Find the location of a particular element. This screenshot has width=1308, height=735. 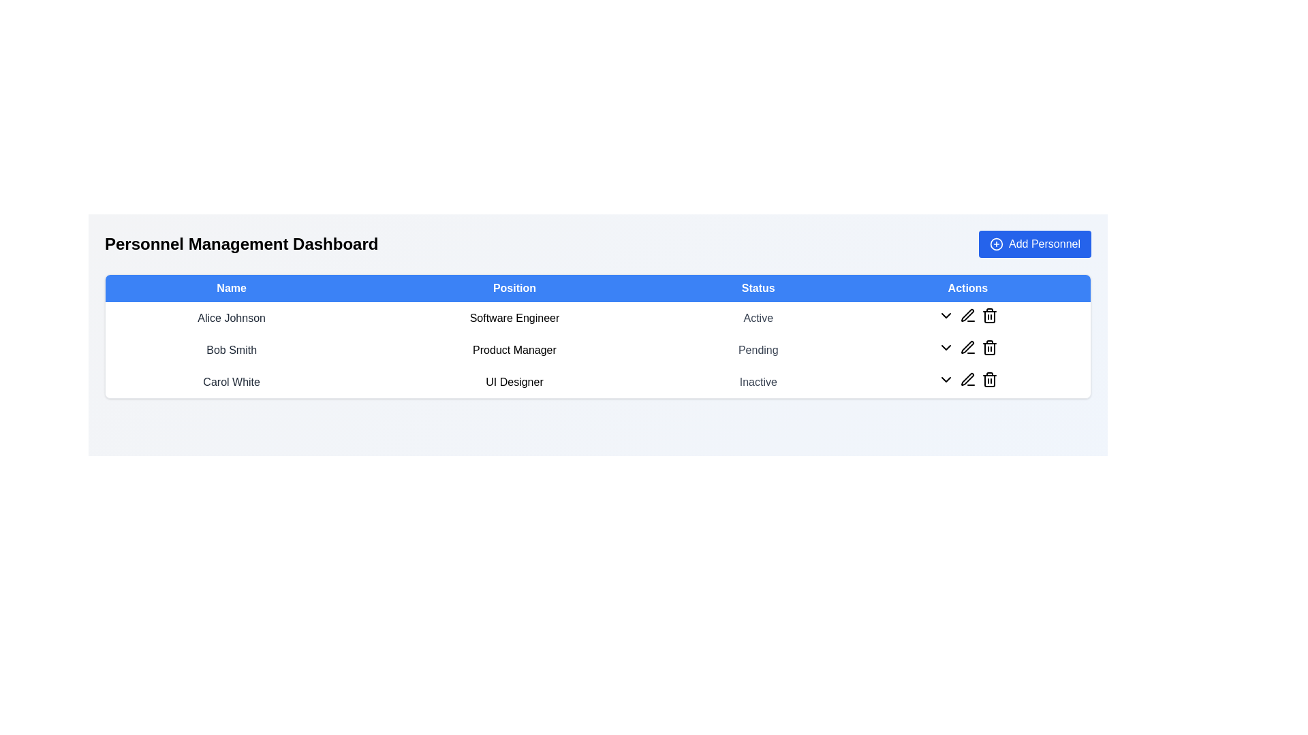

the delete icon located in the third row under the 'Actions' column of the table layout is located at coordinates (989, 380).